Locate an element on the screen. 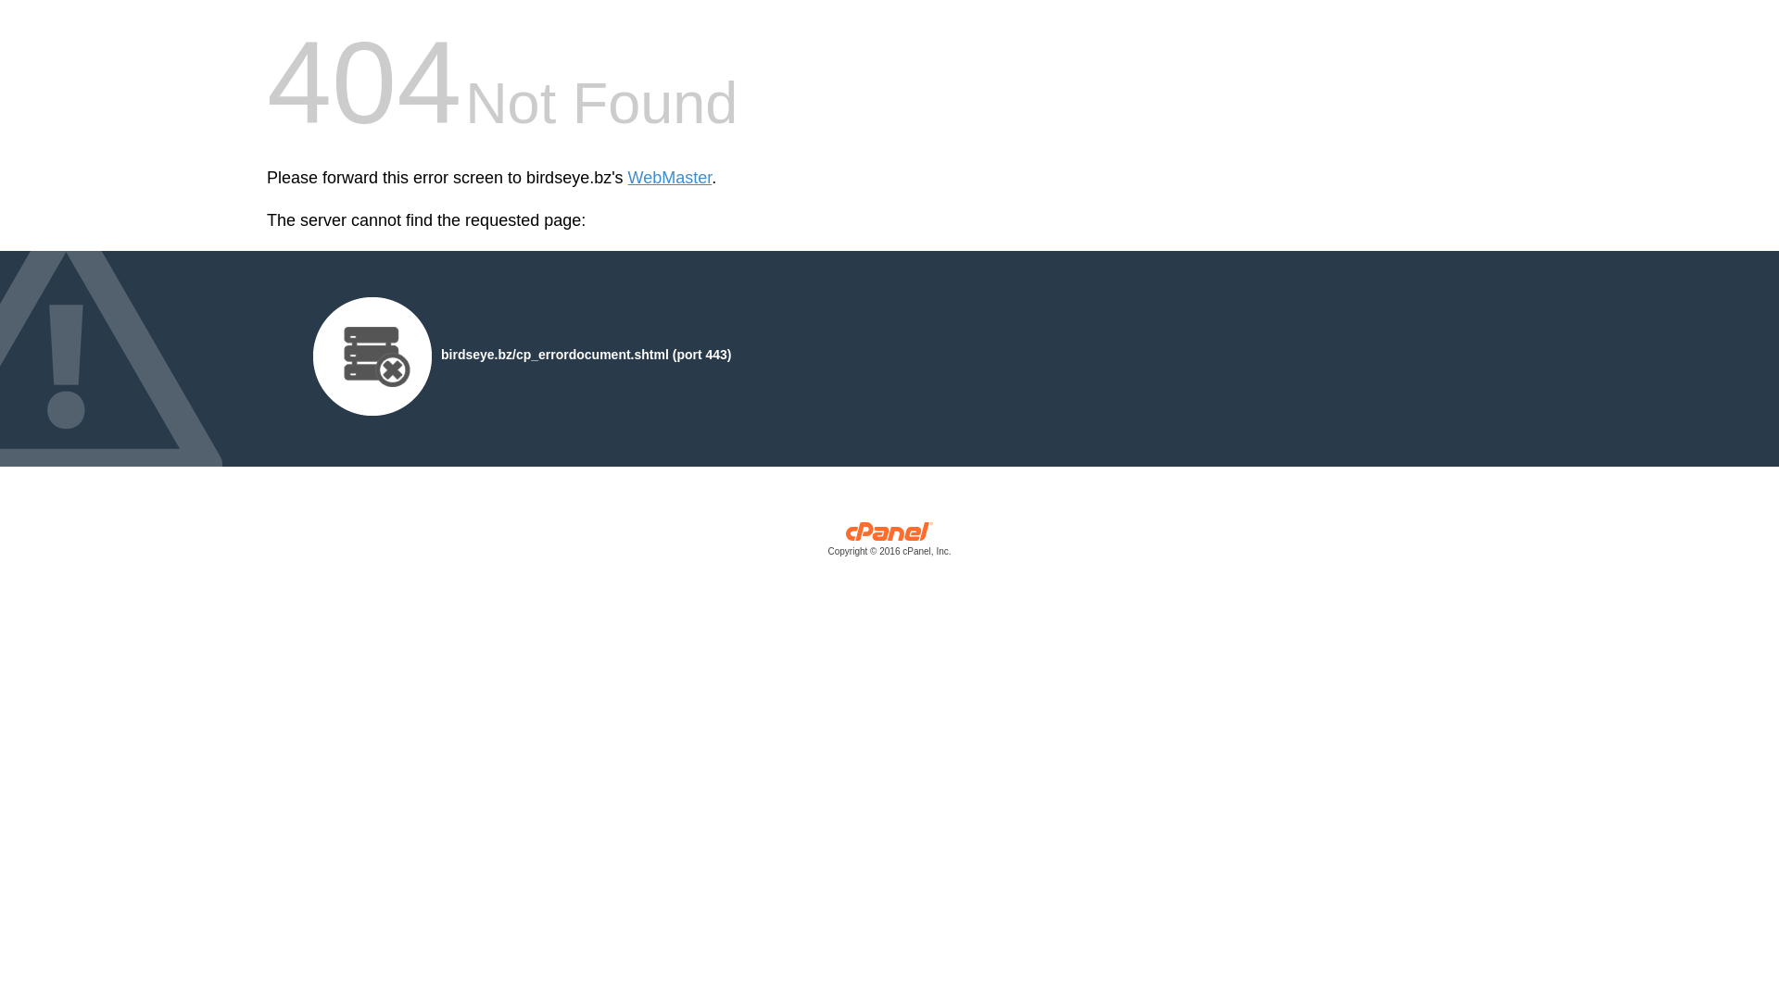 The width and height of the screenshot is (1779, 1000). 'WebMaster' is located at coordinates (669, 178).